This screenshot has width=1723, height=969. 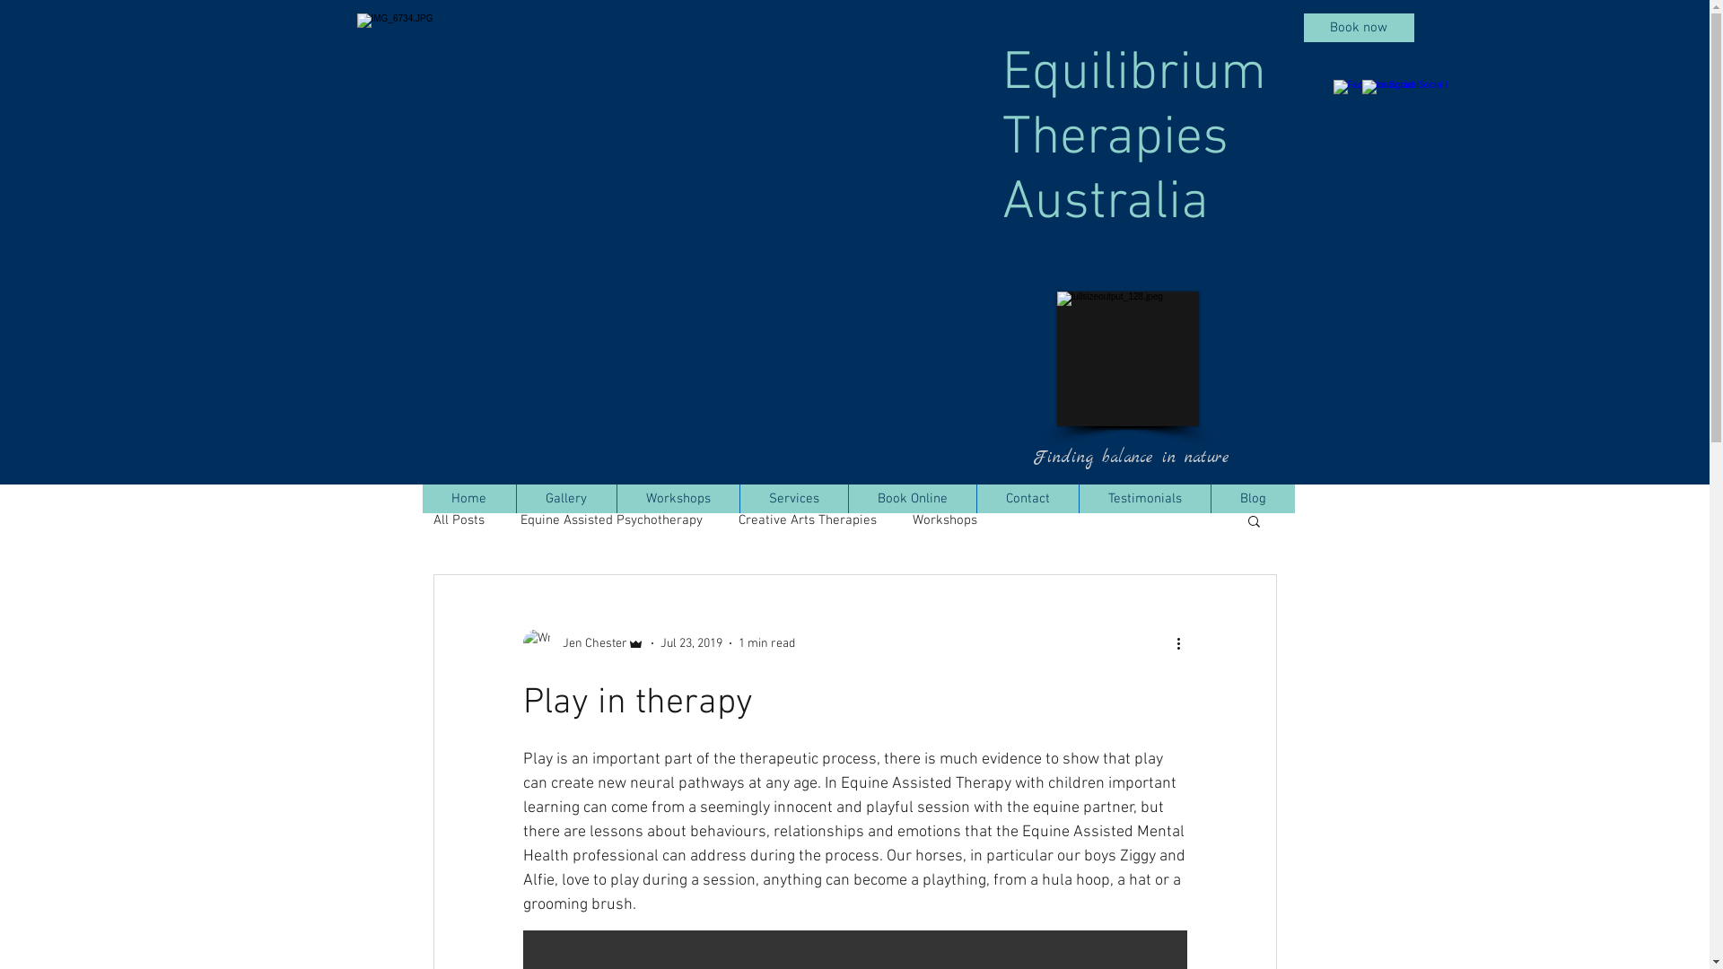 I want to click on 'Creative Arts Therapies', so click(x=737, y=519).